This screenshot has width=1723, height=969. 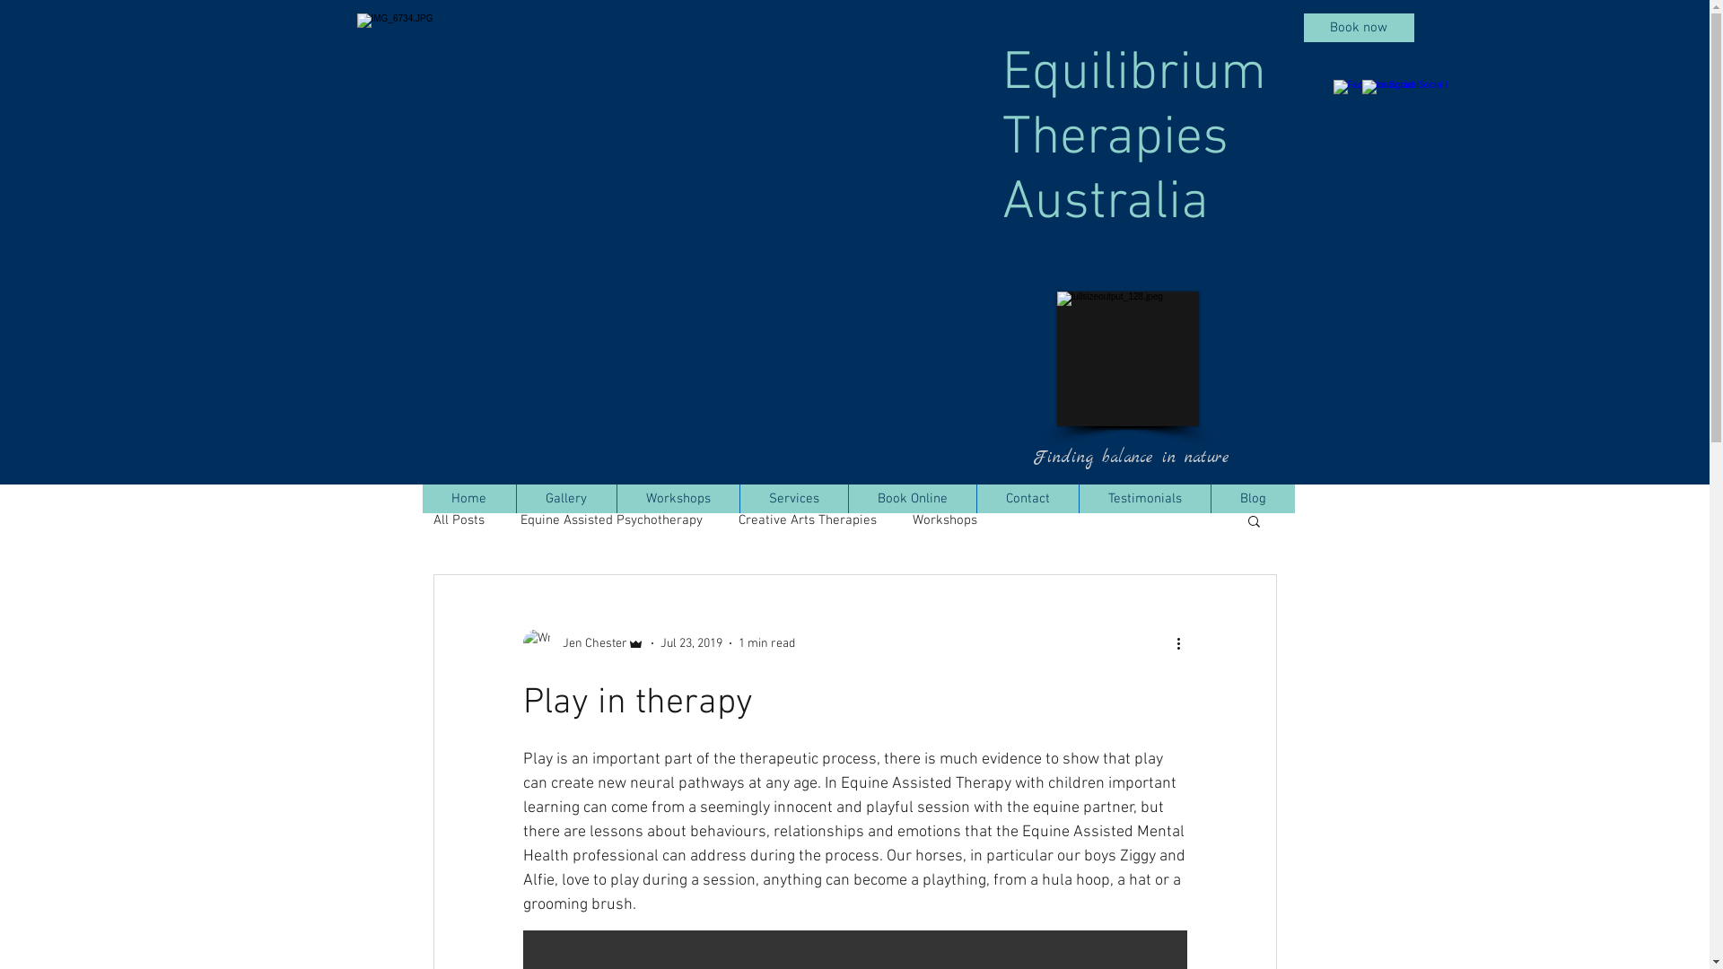 I want to click on 'Creative Arts Therapies', so click(x=737, y=519).